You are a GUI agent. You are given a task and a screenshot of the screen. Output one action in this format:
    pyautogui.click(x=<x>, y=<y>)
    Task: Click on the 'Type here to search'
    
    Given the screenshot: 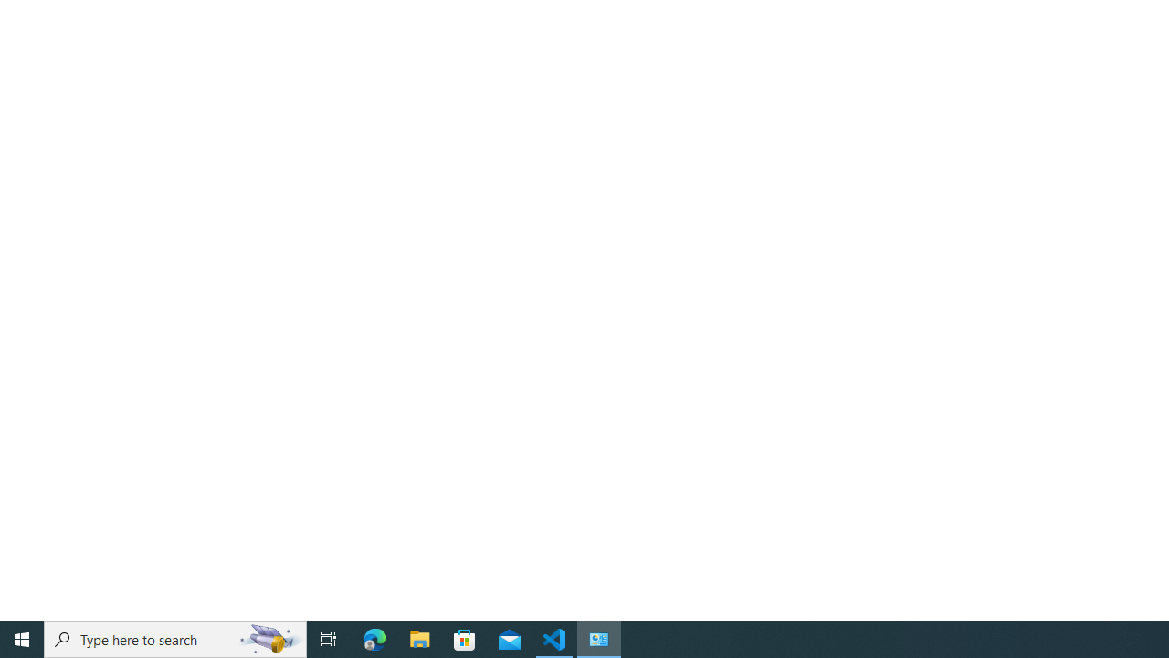 What is the action you would take?
    pyautogui.click(x=175, y=638)
    